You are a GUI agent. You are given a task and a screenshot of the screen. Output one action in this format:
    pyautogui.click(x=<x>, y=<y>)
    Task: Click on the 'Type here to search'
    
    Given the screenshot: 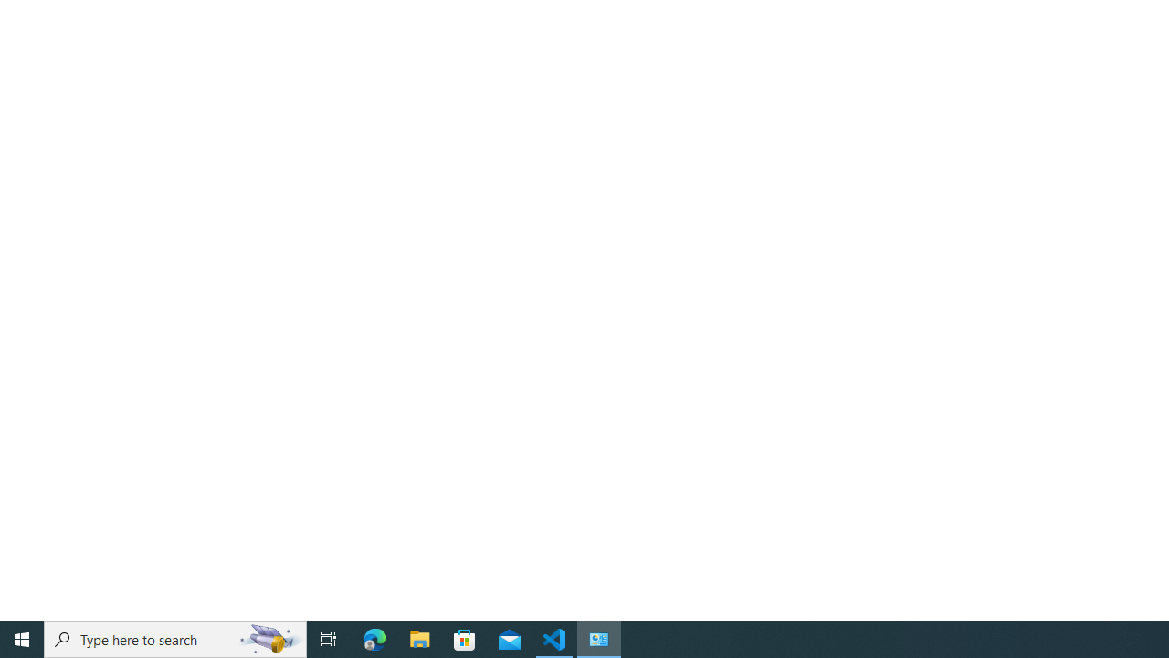 What is the action you would take?
    pyautogui.click(x=175, y=638)
    